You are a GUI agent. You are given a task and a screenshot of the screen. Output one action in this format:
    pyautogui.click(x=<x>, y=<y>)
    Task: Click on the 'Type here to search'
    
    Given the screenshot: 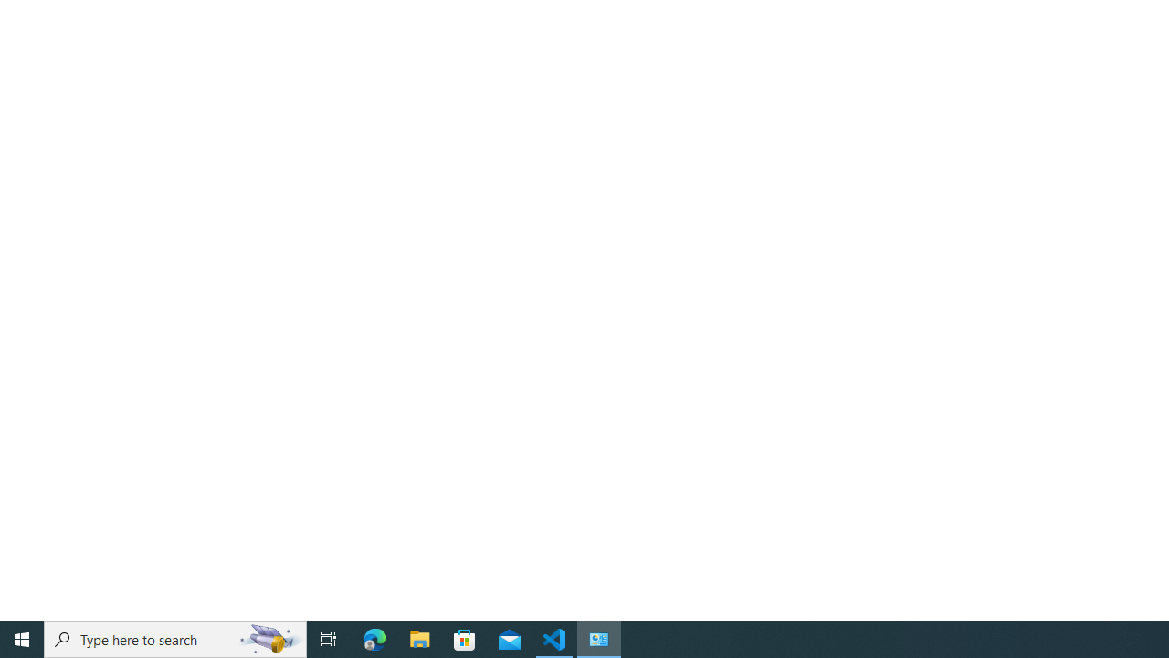 What is the action you would take?
    pyautogui.click(x=175, y=638)
    